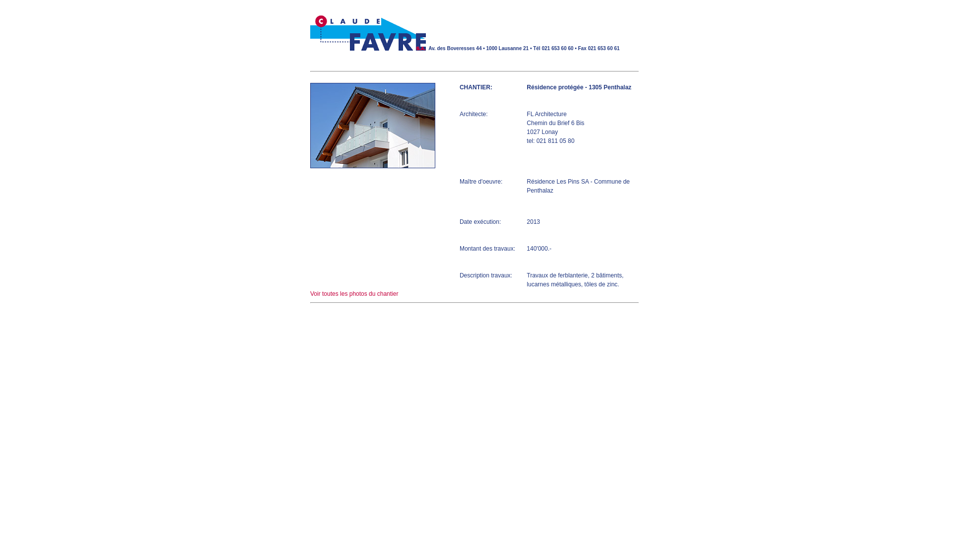  What do you see at coordinates (354, 293) in the screenshot?
I see `'Voir toutes les photos du chantier'` at bounding box center [354, 293].